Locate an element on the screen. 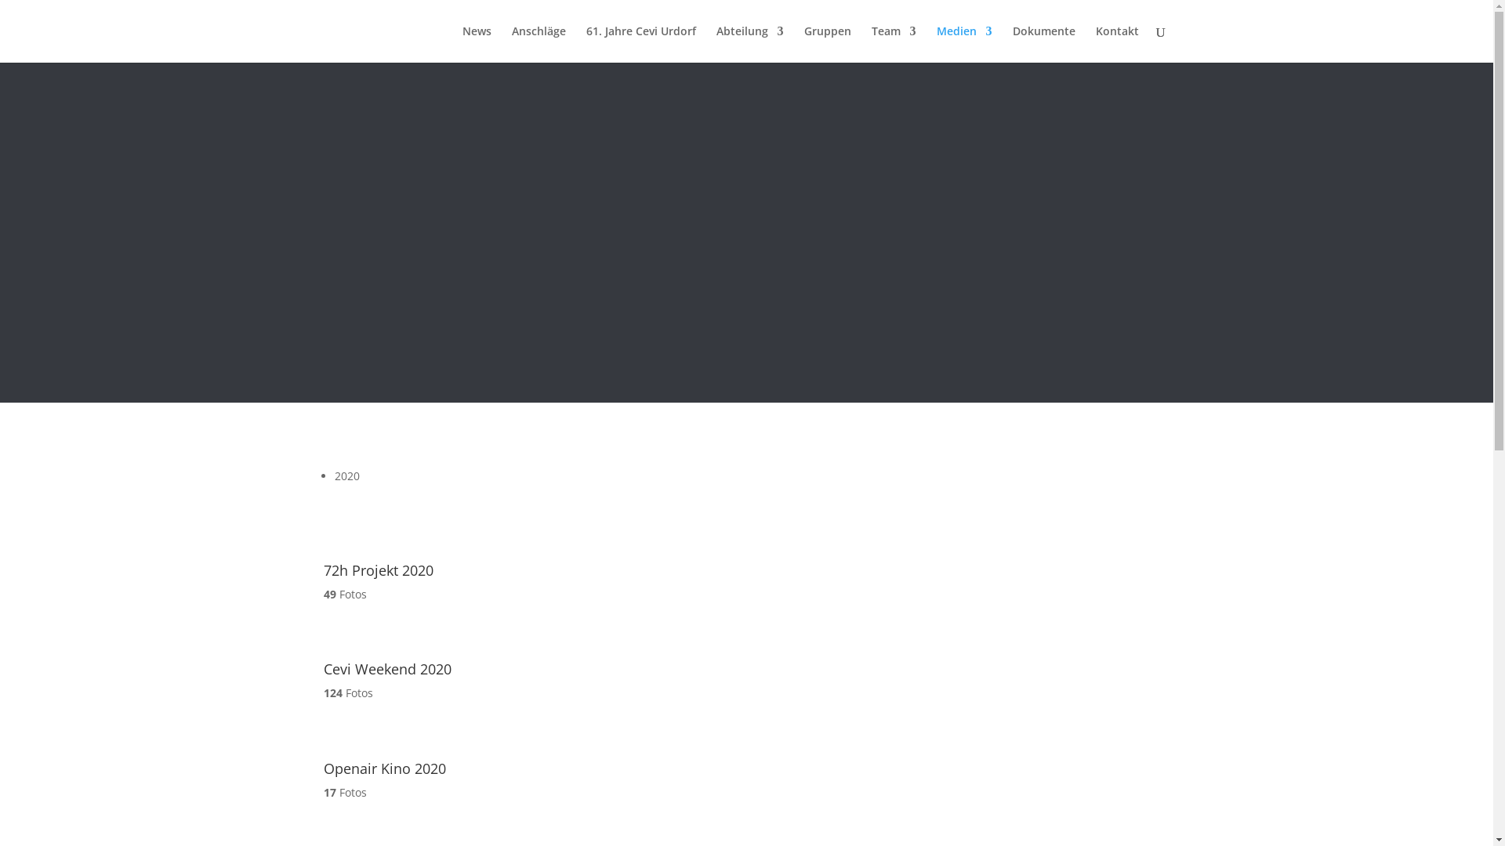 This screenshot has width=1505, height=846. '72h Projekt 2020' is located at coordinates (357, 552).